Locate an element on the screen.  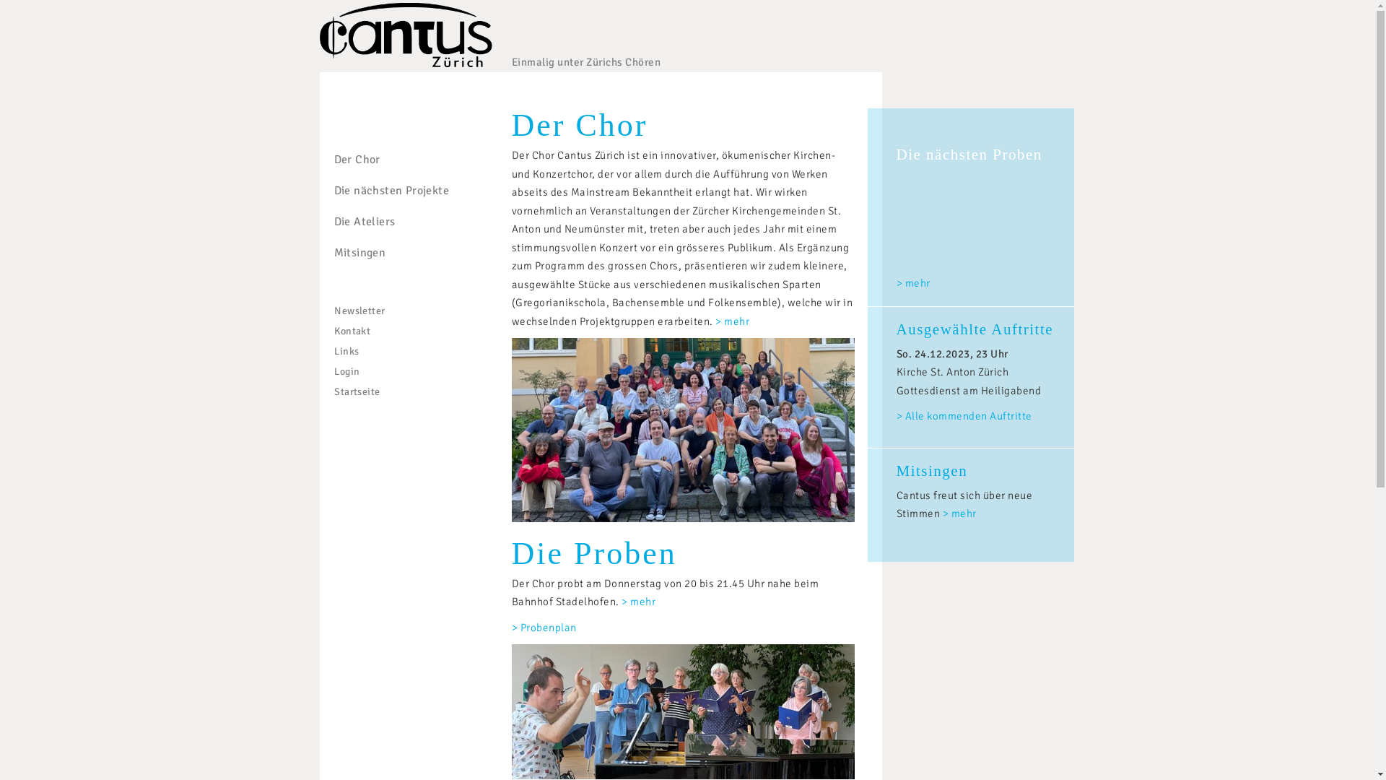
'Links' is located at coordinates (343, 351).